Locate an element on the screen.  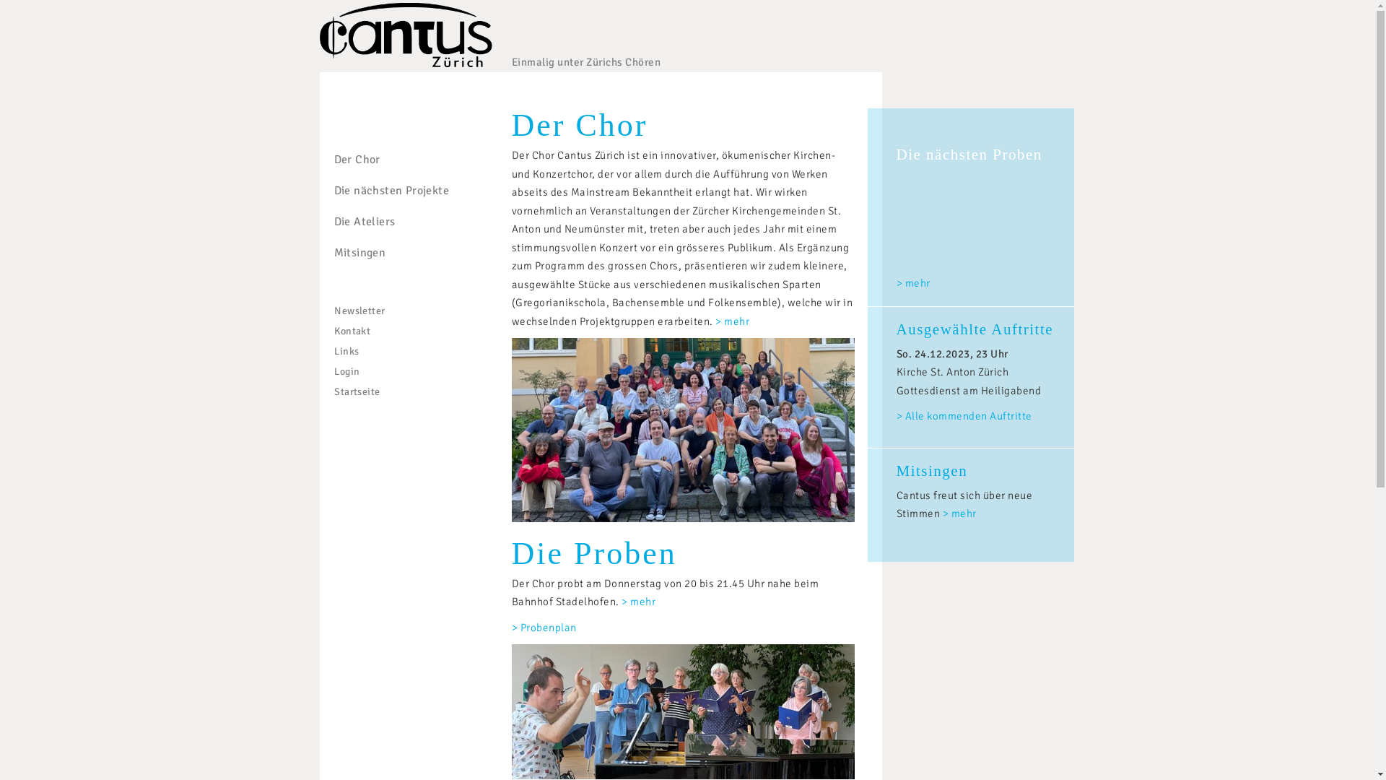
'Links' is located at coordinates (343, 351).